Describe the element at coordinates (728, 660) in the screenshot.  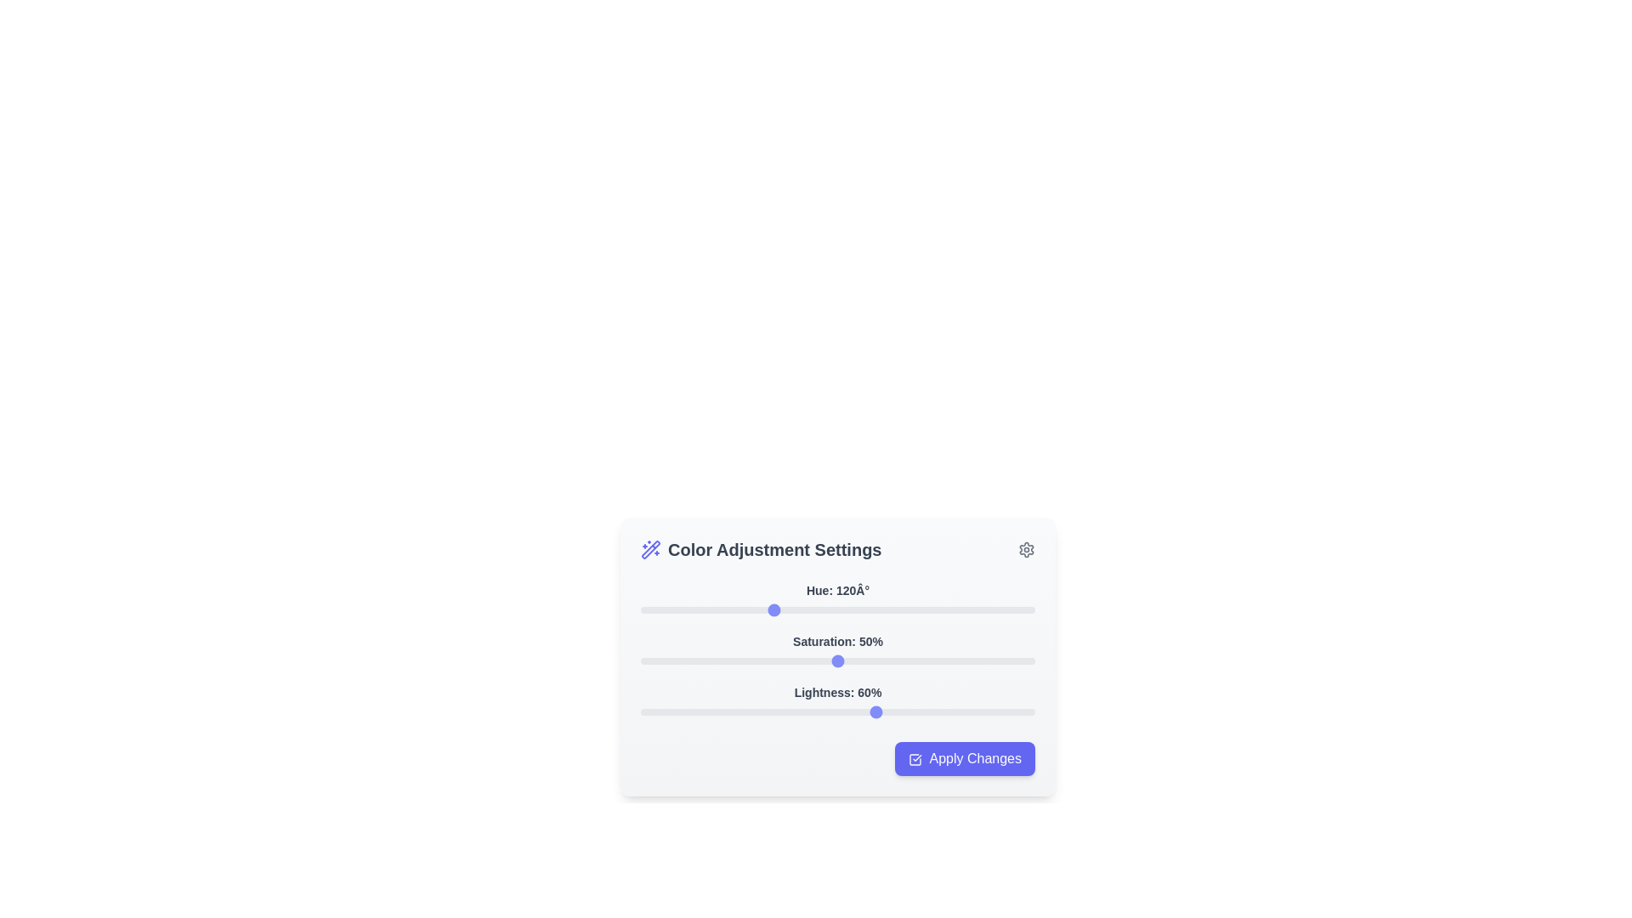
I see `the saturation` at that location.